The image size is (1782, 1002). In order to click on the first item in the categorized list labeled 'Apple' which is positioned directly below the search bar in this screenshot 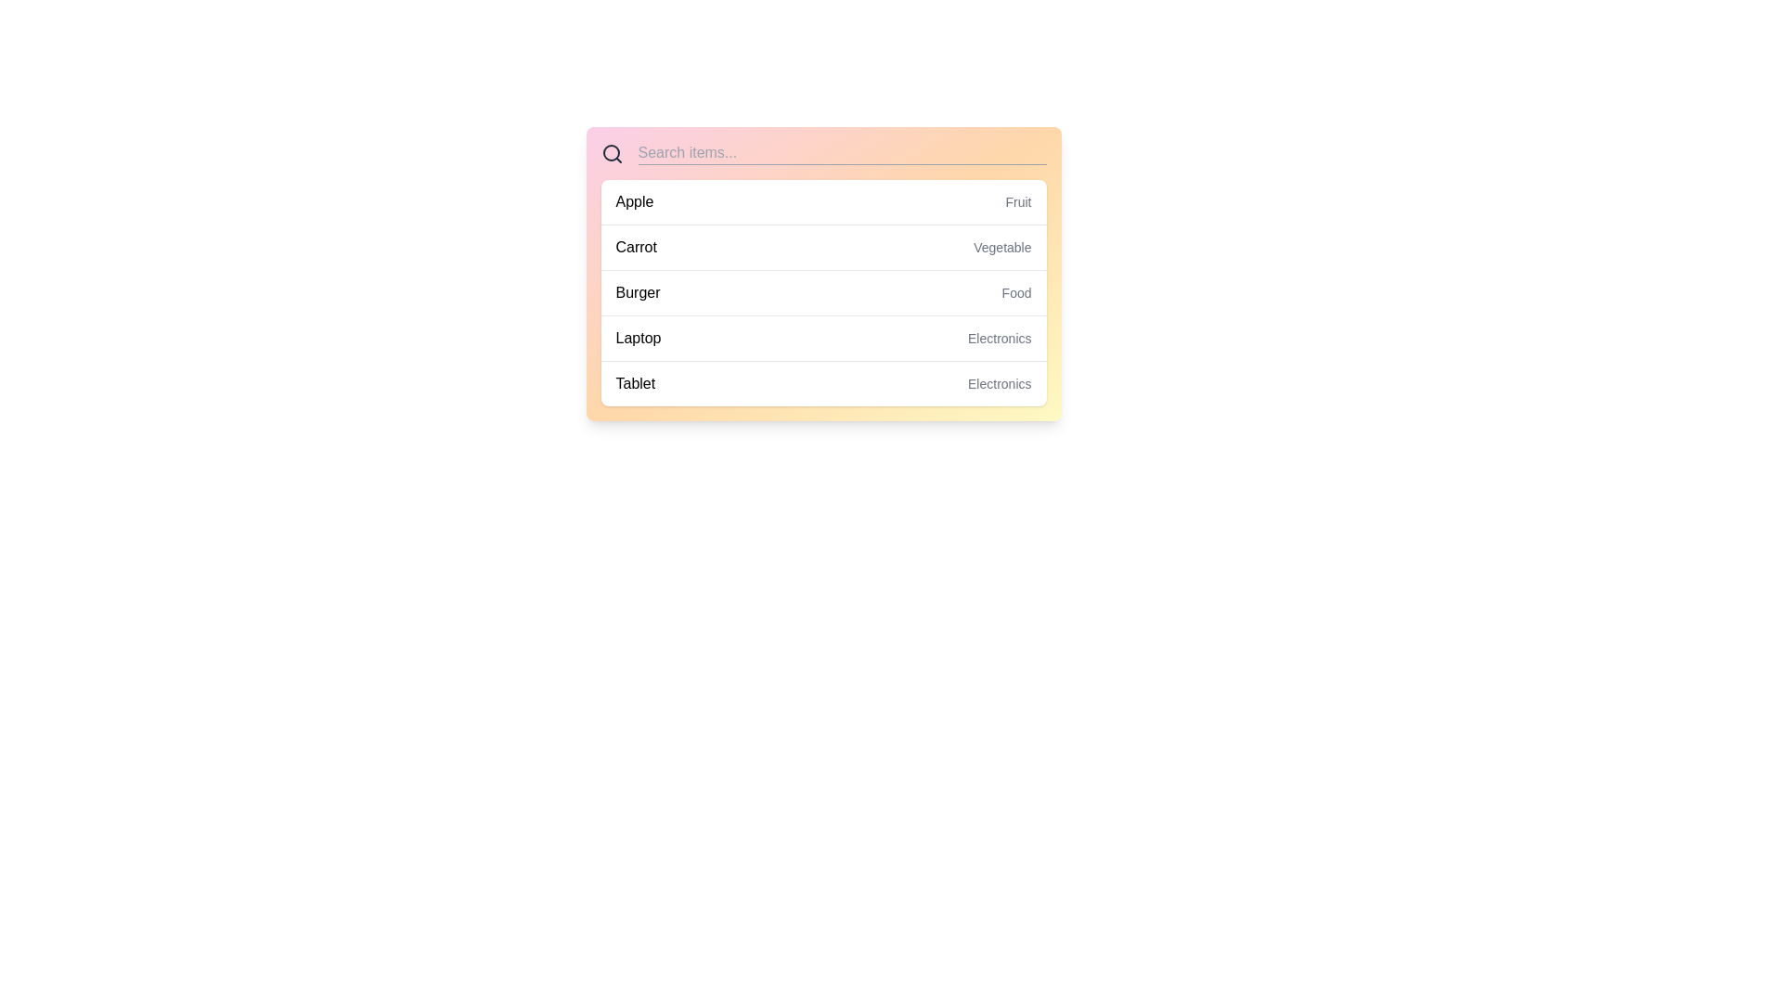, I will do `click(822, 202)`.